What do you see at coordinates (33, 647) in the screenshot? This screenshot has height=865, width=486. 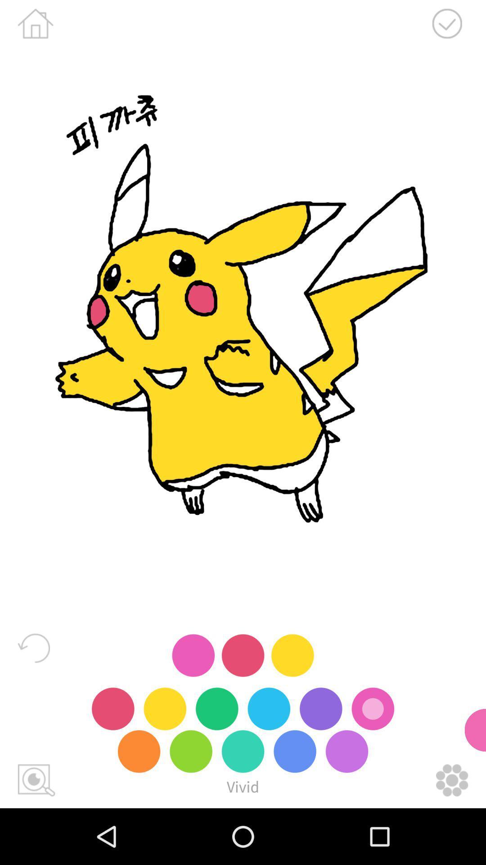 I see `reset screen` at bounding box center [33, 647].